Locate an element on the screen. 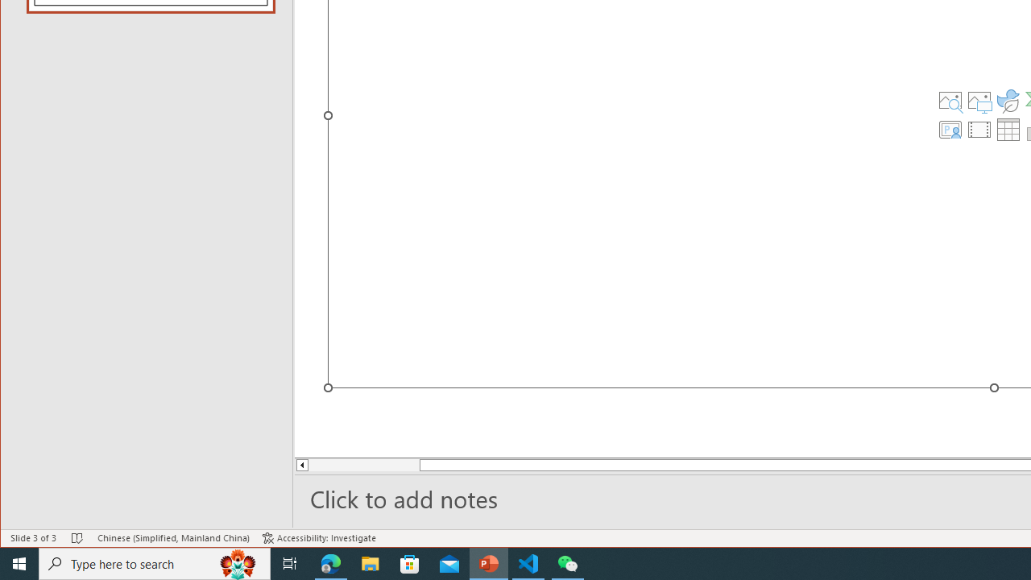 Image resolution: width=1031 pixels, height=580 pixels. 'Task View' is located at coordinates (289, 562).